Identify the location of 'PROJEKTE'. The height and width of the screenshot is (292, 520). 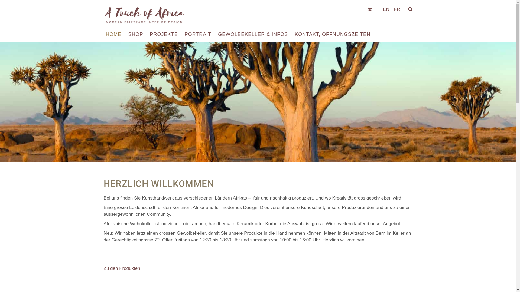
(164, 34).